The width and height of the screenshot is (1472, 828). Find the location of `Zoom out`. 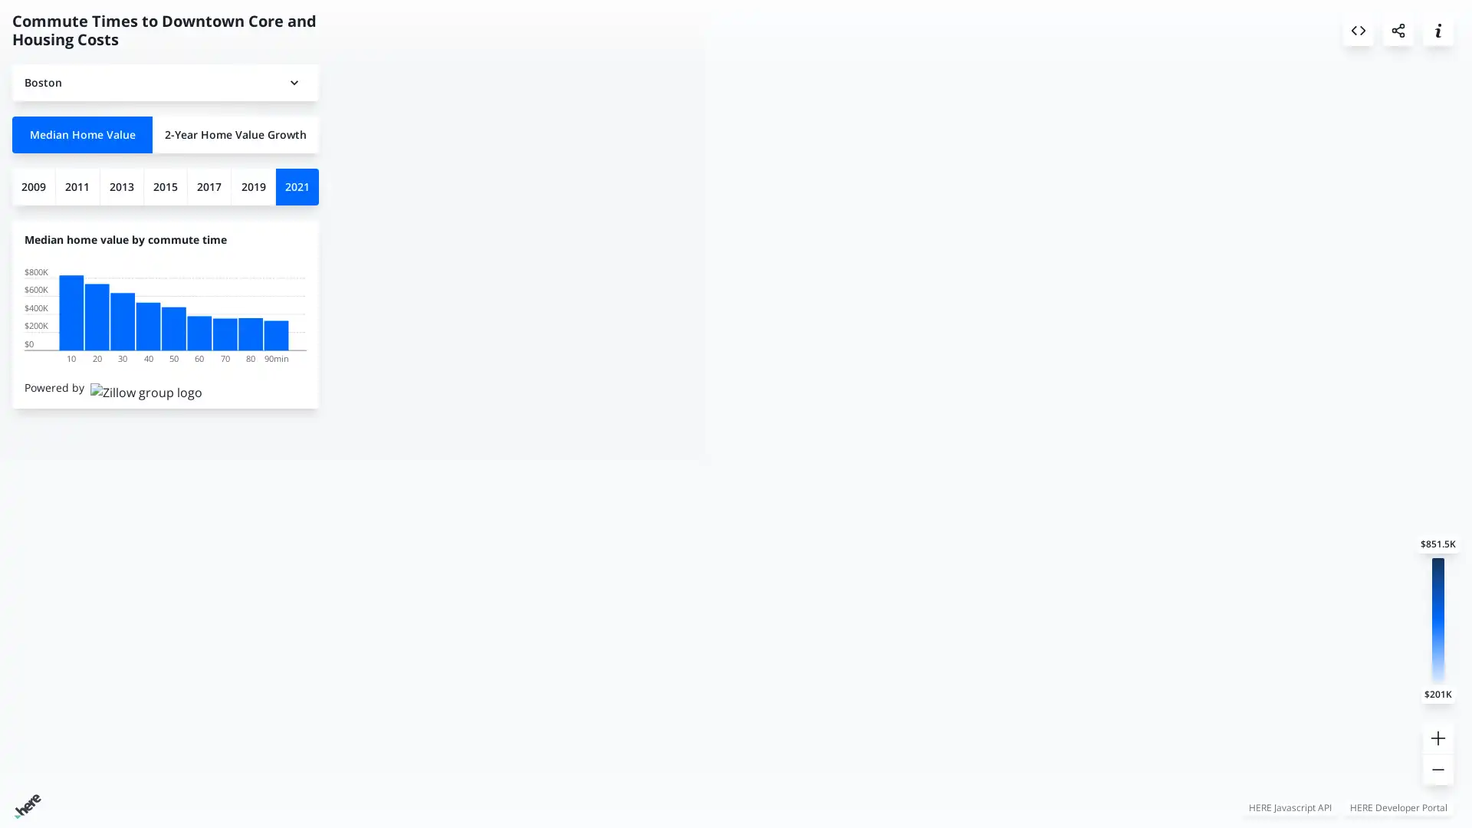

Zoom out is located at coordinates (1437, 769).